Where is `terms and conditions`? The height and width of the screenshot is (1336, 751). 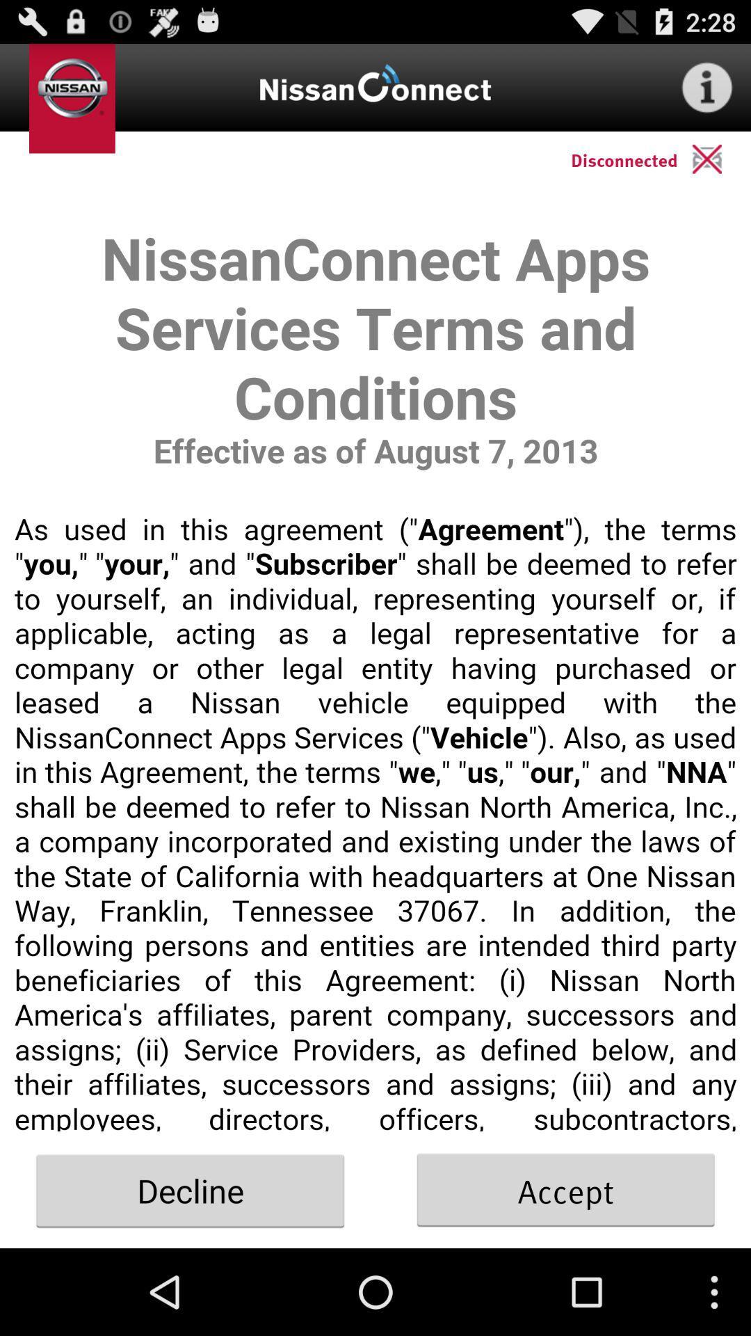
terms and conditions is located at coordinates (375, 658).